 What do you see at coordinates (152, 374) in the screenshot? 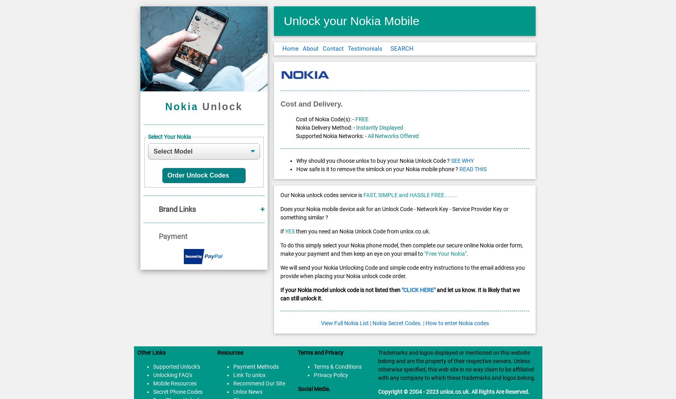
I see `'Unlocking FAQ's'` at bounding box center [152, 374].